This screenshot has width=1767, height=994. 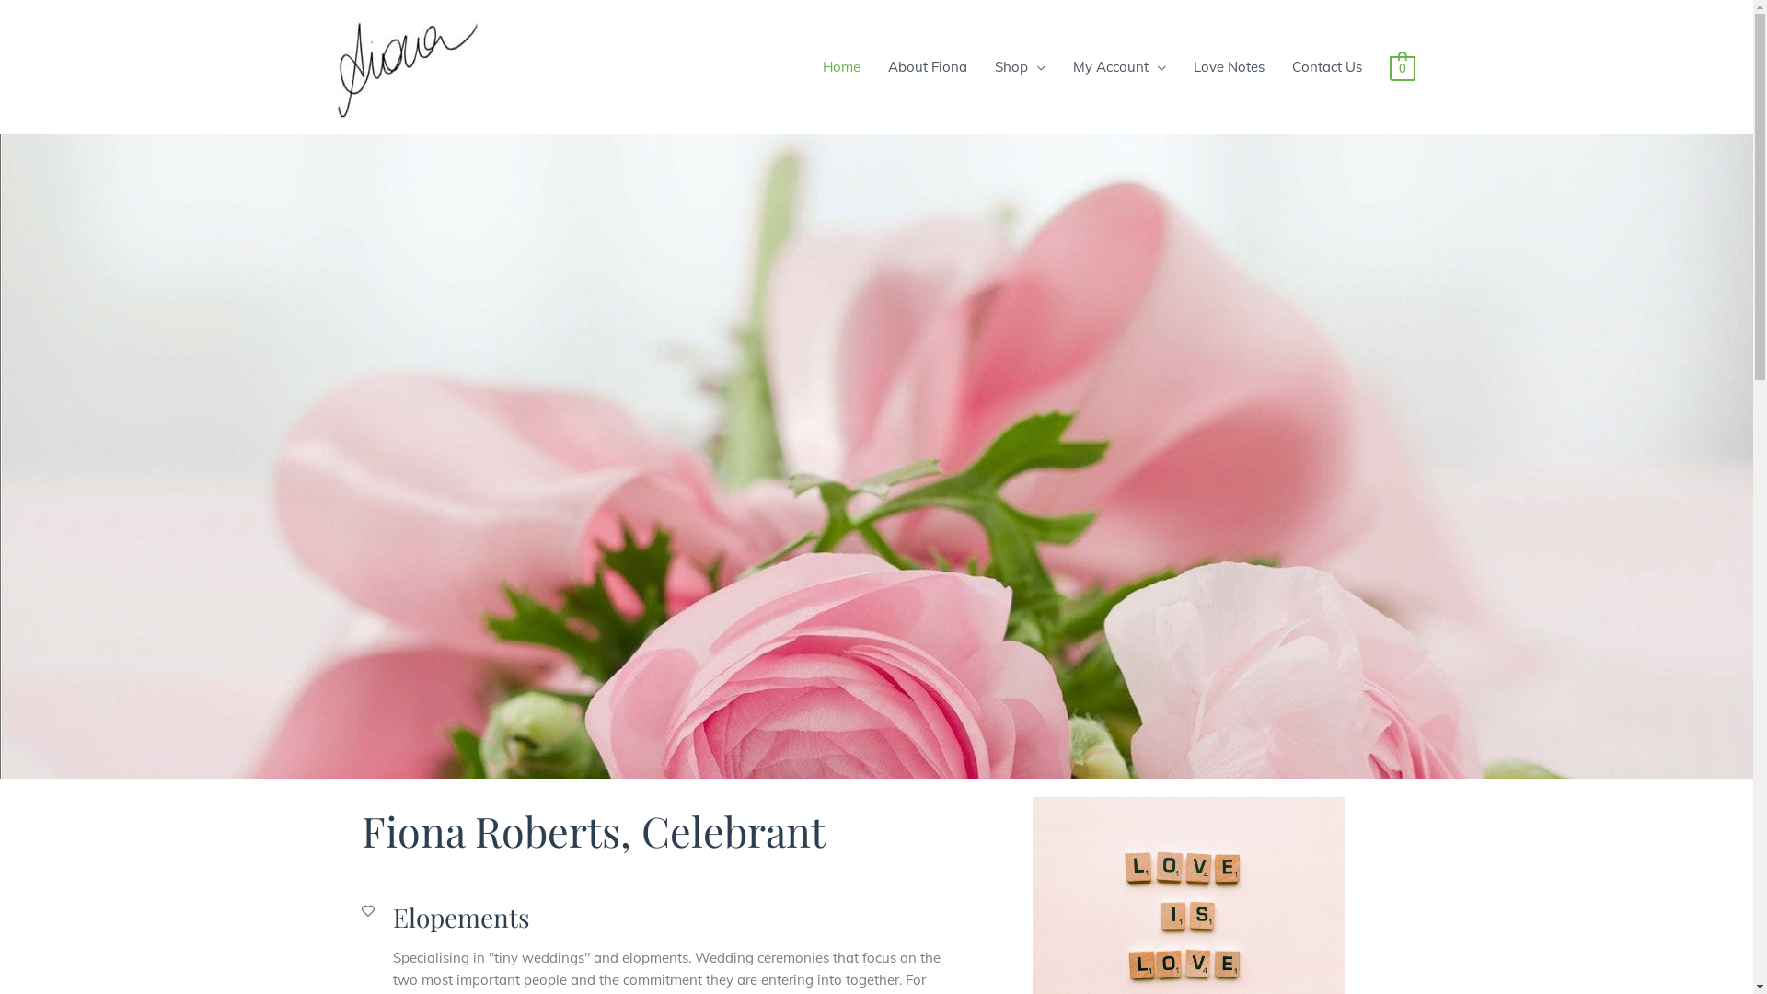 I want to click on 'Contact Us', so click(x=1326, y=66).